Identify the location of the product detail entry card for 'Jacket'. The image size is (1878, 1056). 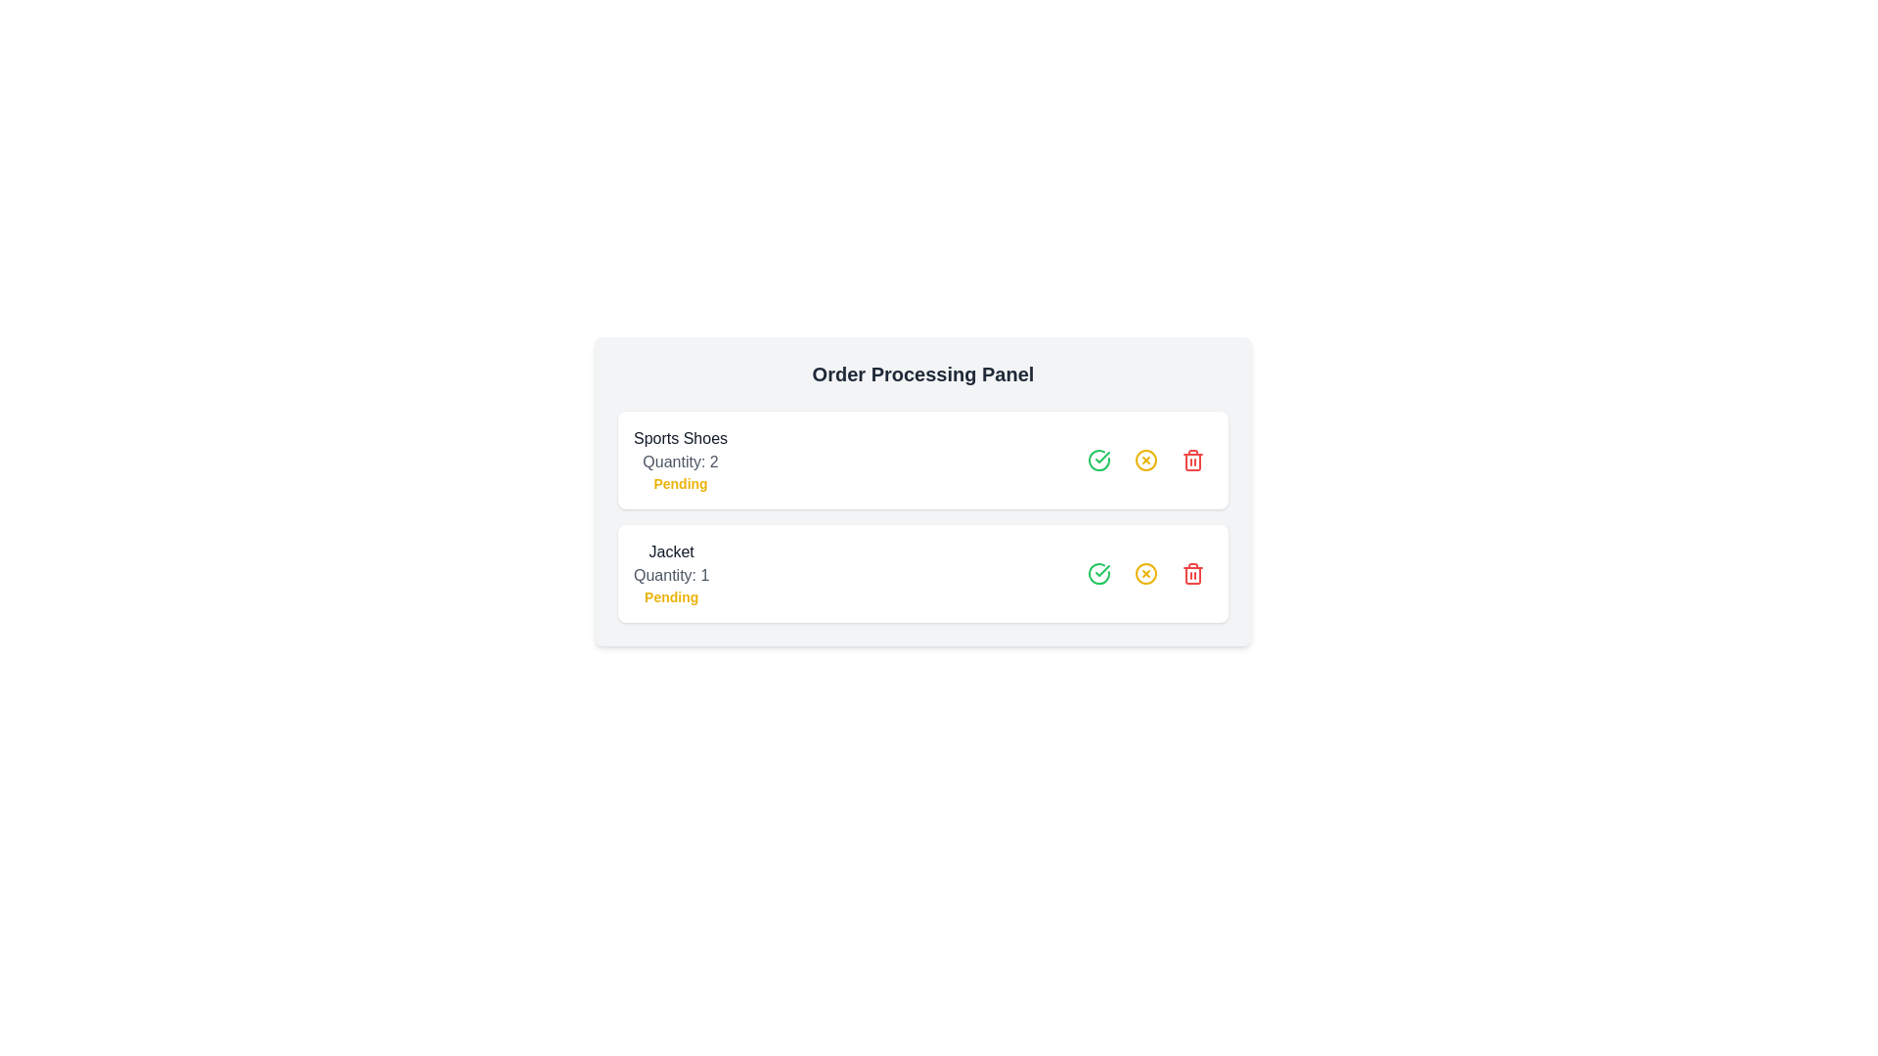
(922, 572).